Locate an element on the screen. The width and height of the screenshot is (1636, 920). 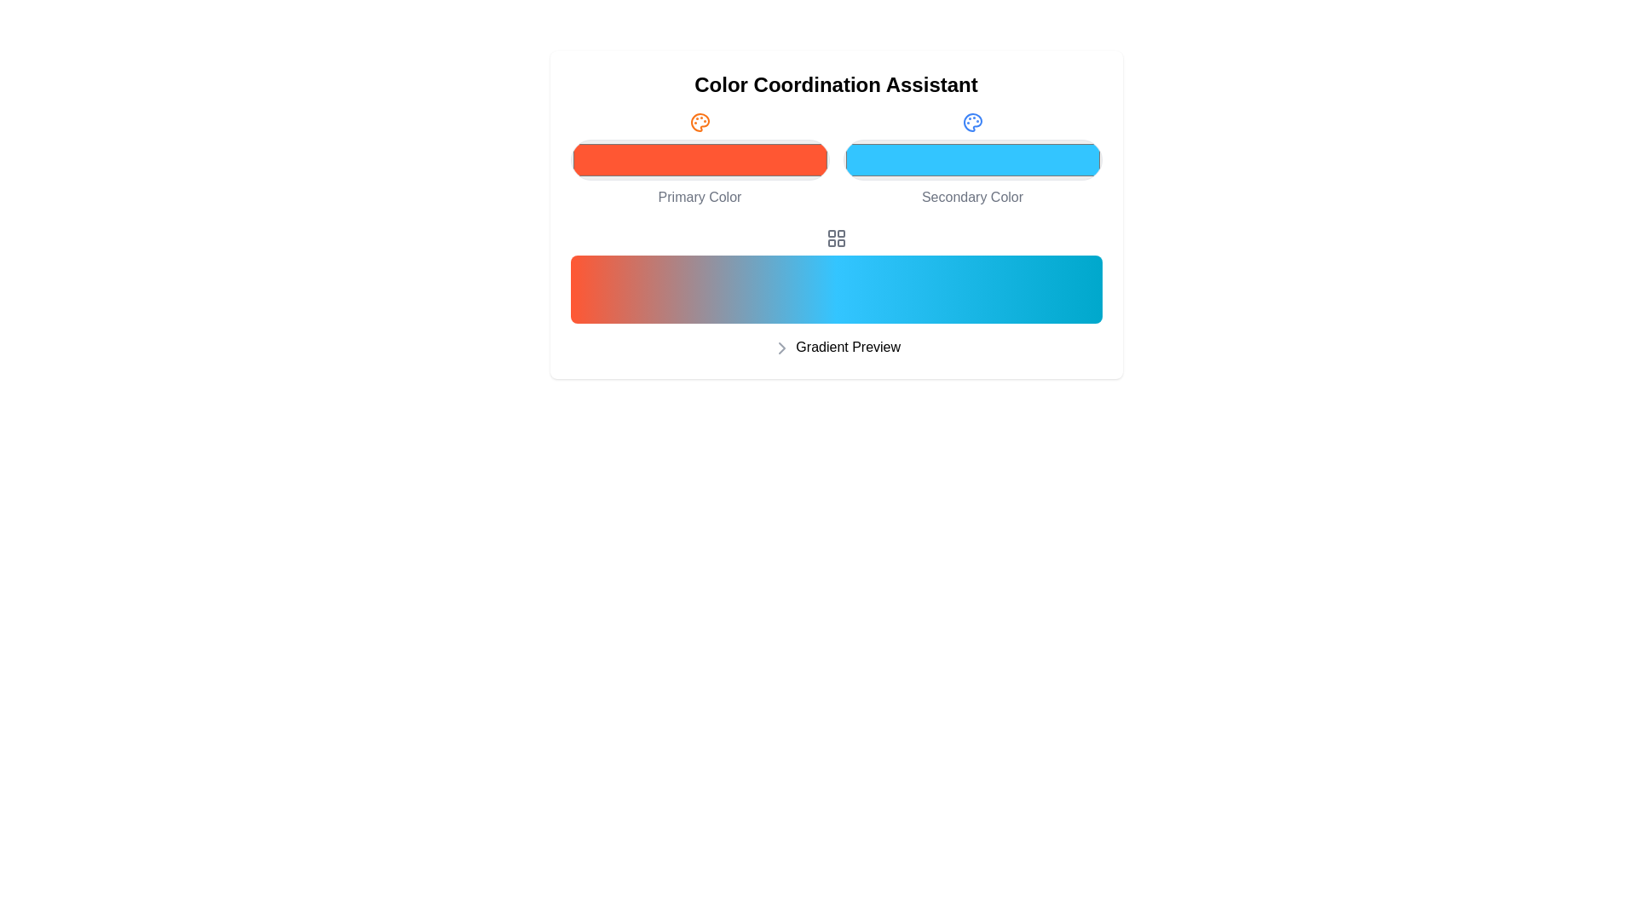
the painter's palette icon, which is styled with a minimalist outlined appearance and is located above the 'Primary Color' text is located at coordinates (700, 121).